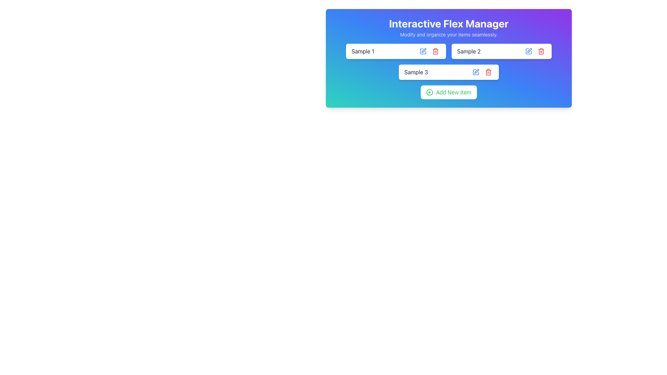  I want to click on the edit icon located to the right of the 'Sample 1' text input, so click(423, 51).